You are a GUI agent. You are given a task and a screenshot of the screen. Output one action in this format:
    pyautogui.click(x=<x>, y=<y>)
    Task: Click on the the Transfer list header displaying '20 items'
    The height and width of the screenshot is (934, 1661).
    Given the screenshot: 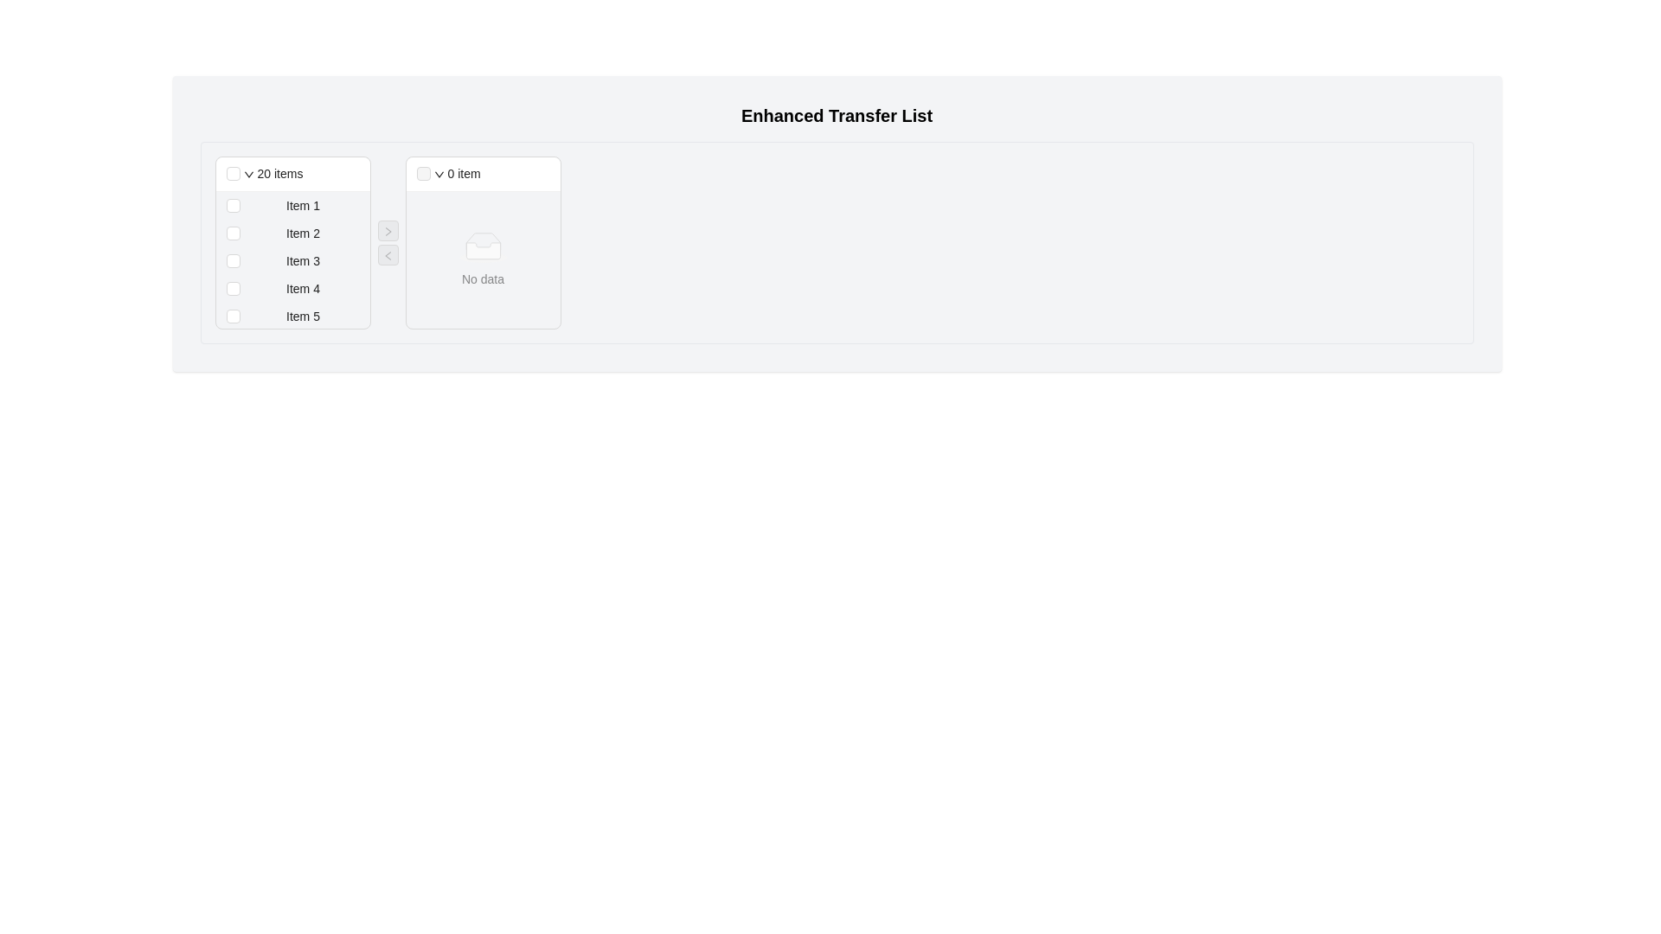 What is the action you would take?
    pyautogui.click(x=292, y=174)
    